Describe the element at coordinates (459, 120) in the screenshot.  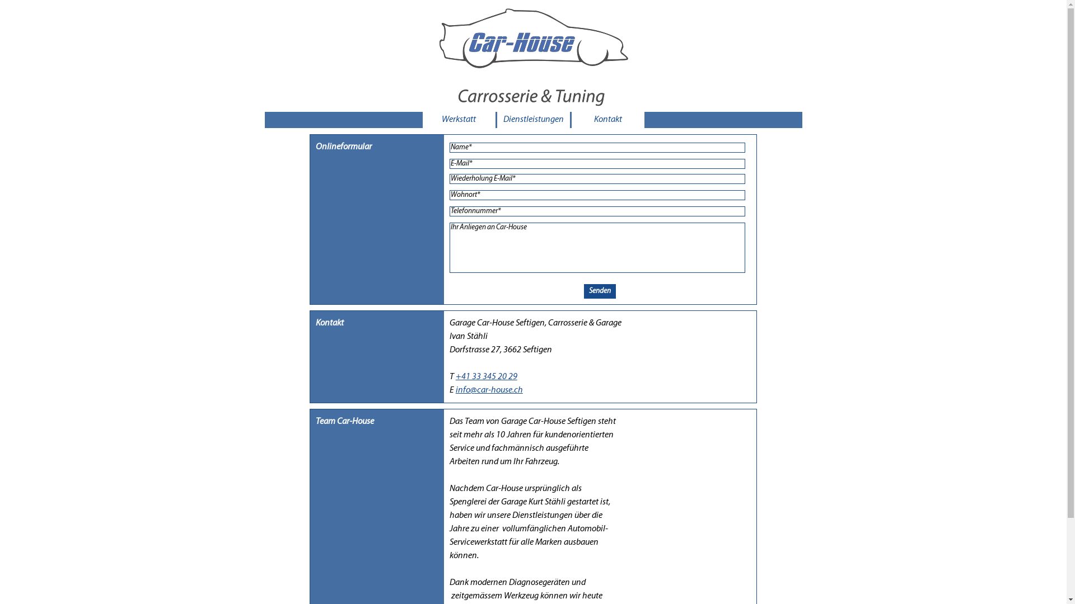
I see `'Werkstatt'` at that location.